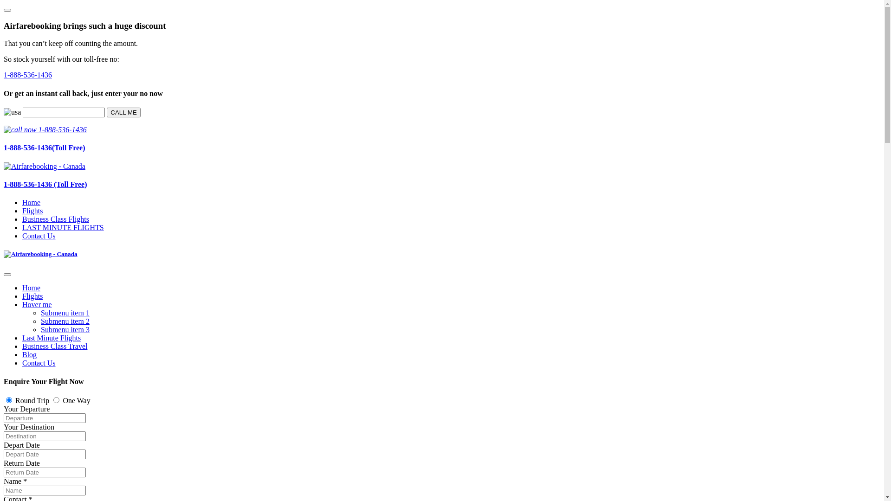  Describe the element at coordinates (22, 219) in the screenshot. I see `'Business Class Flights'` at that location.